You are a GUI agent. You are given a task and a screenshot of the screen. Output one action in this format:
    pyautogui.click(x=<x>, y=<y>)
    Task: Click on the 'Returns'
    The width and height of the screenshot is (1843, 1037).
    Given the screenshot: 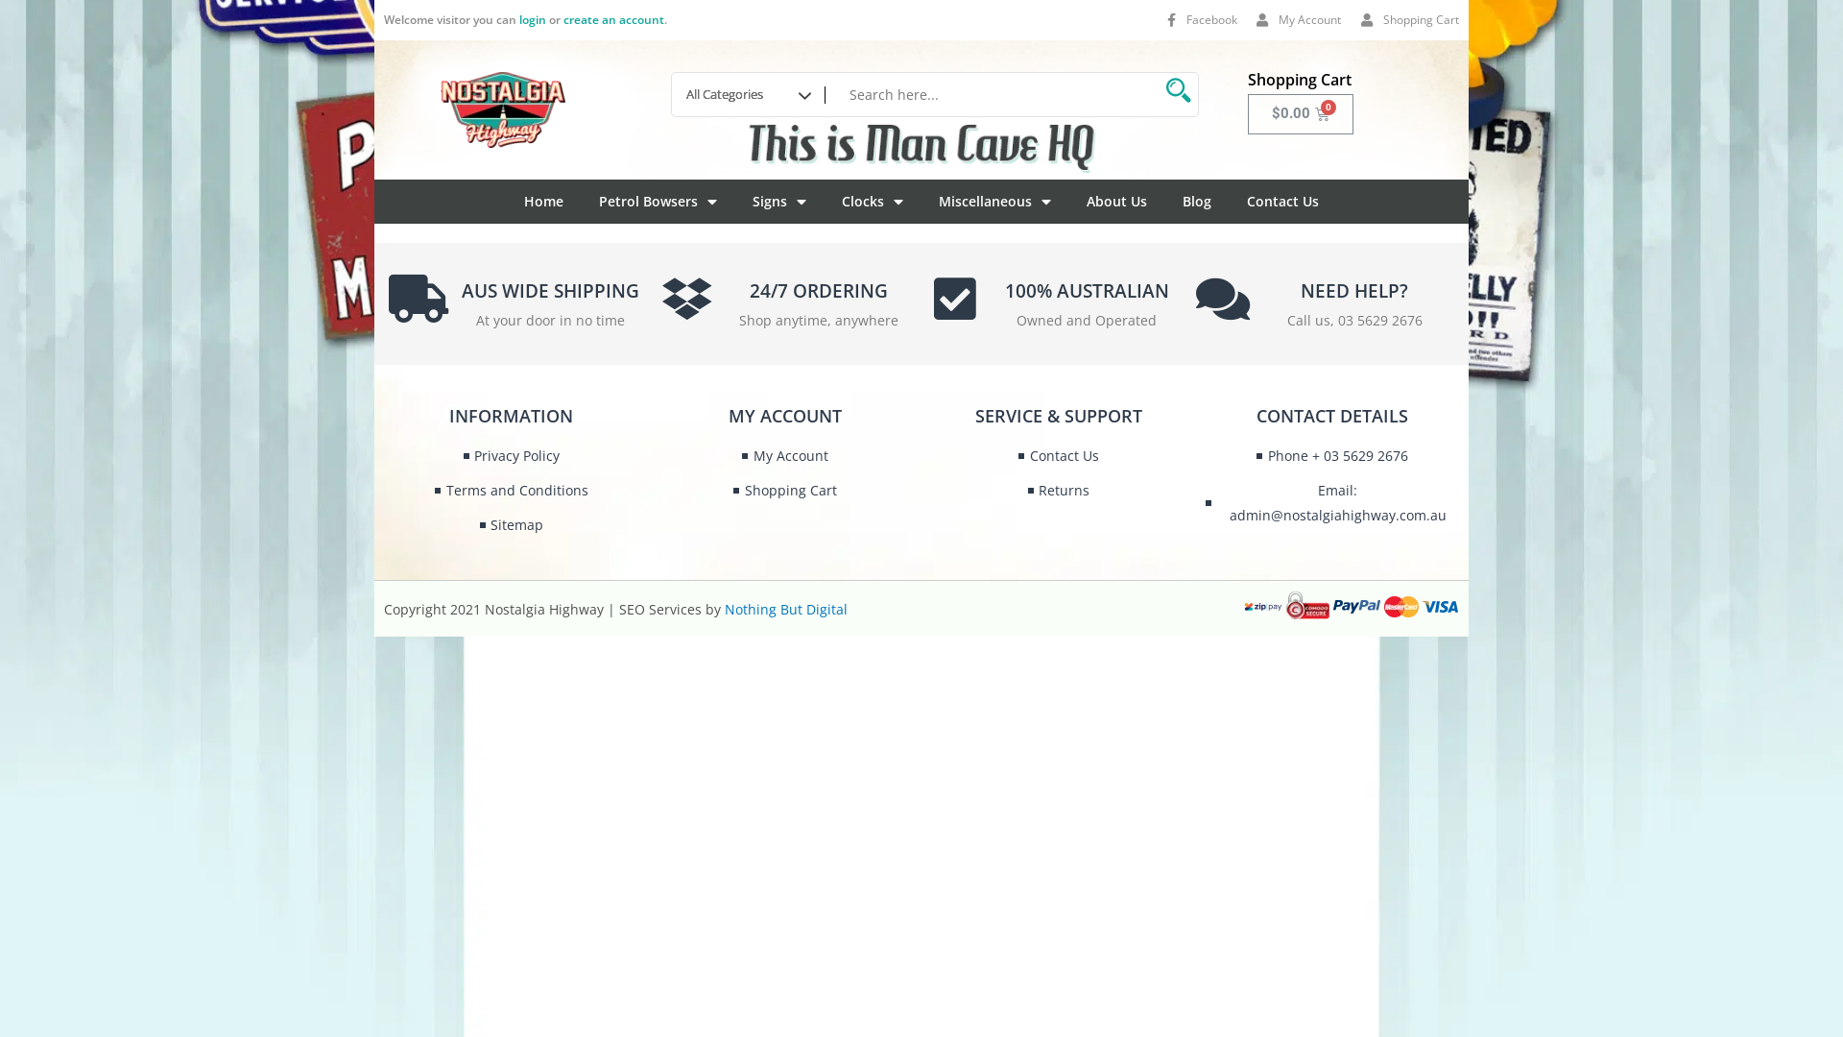 What is the action you would take?
    pyautogui.click(x=1058, y=489)
    